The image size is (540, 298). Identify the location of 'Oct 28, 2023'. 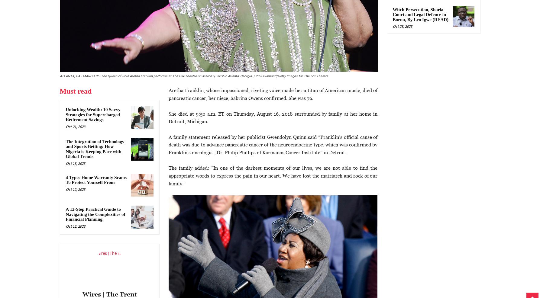
(392, 26).